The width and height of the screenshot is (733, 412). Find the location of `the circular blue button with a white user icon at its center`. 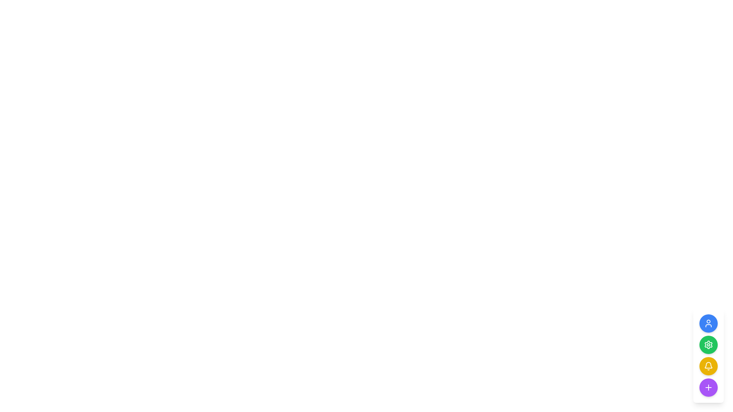

the circular blue button with a white user icon at its center is located at coordinates (708, 323).